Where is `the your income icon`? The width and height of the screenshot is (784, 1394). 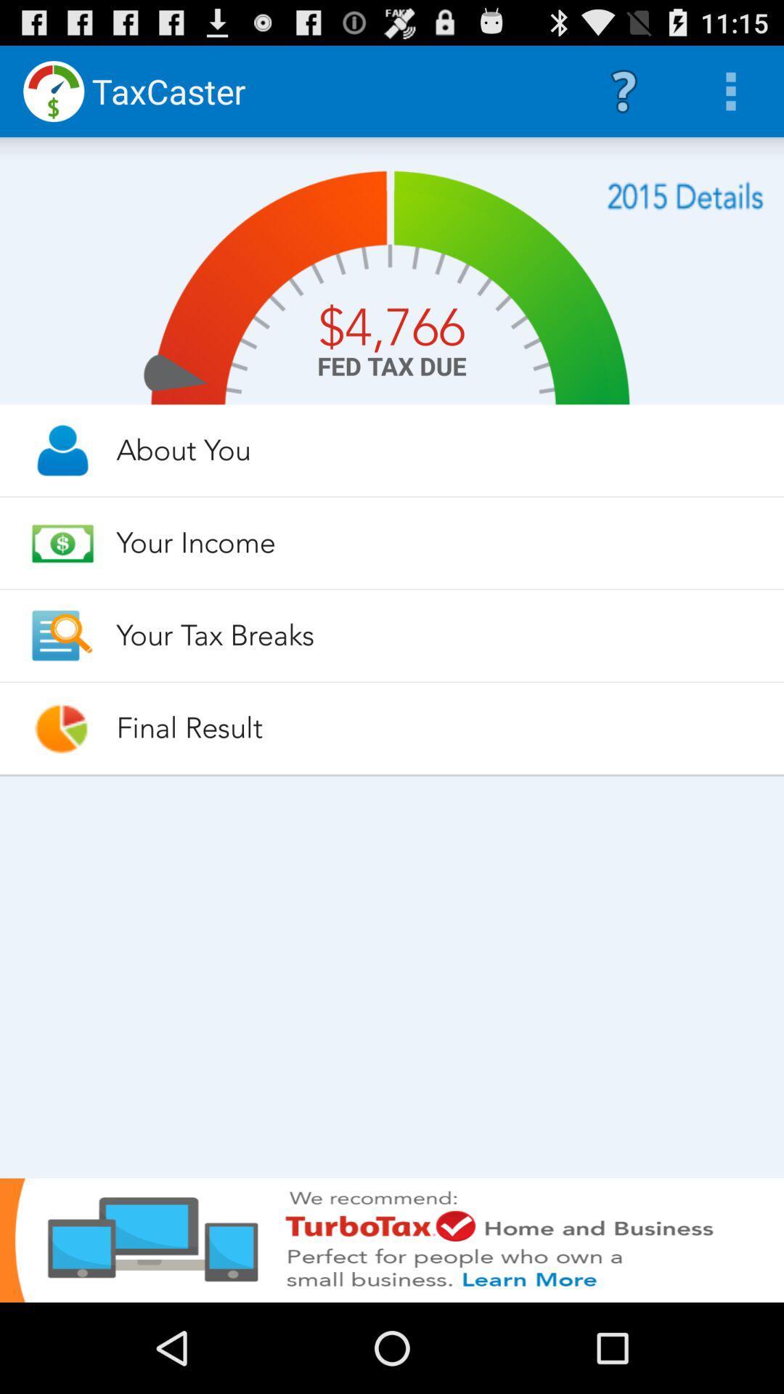
the your income icon is located at coordinates (436, 542).